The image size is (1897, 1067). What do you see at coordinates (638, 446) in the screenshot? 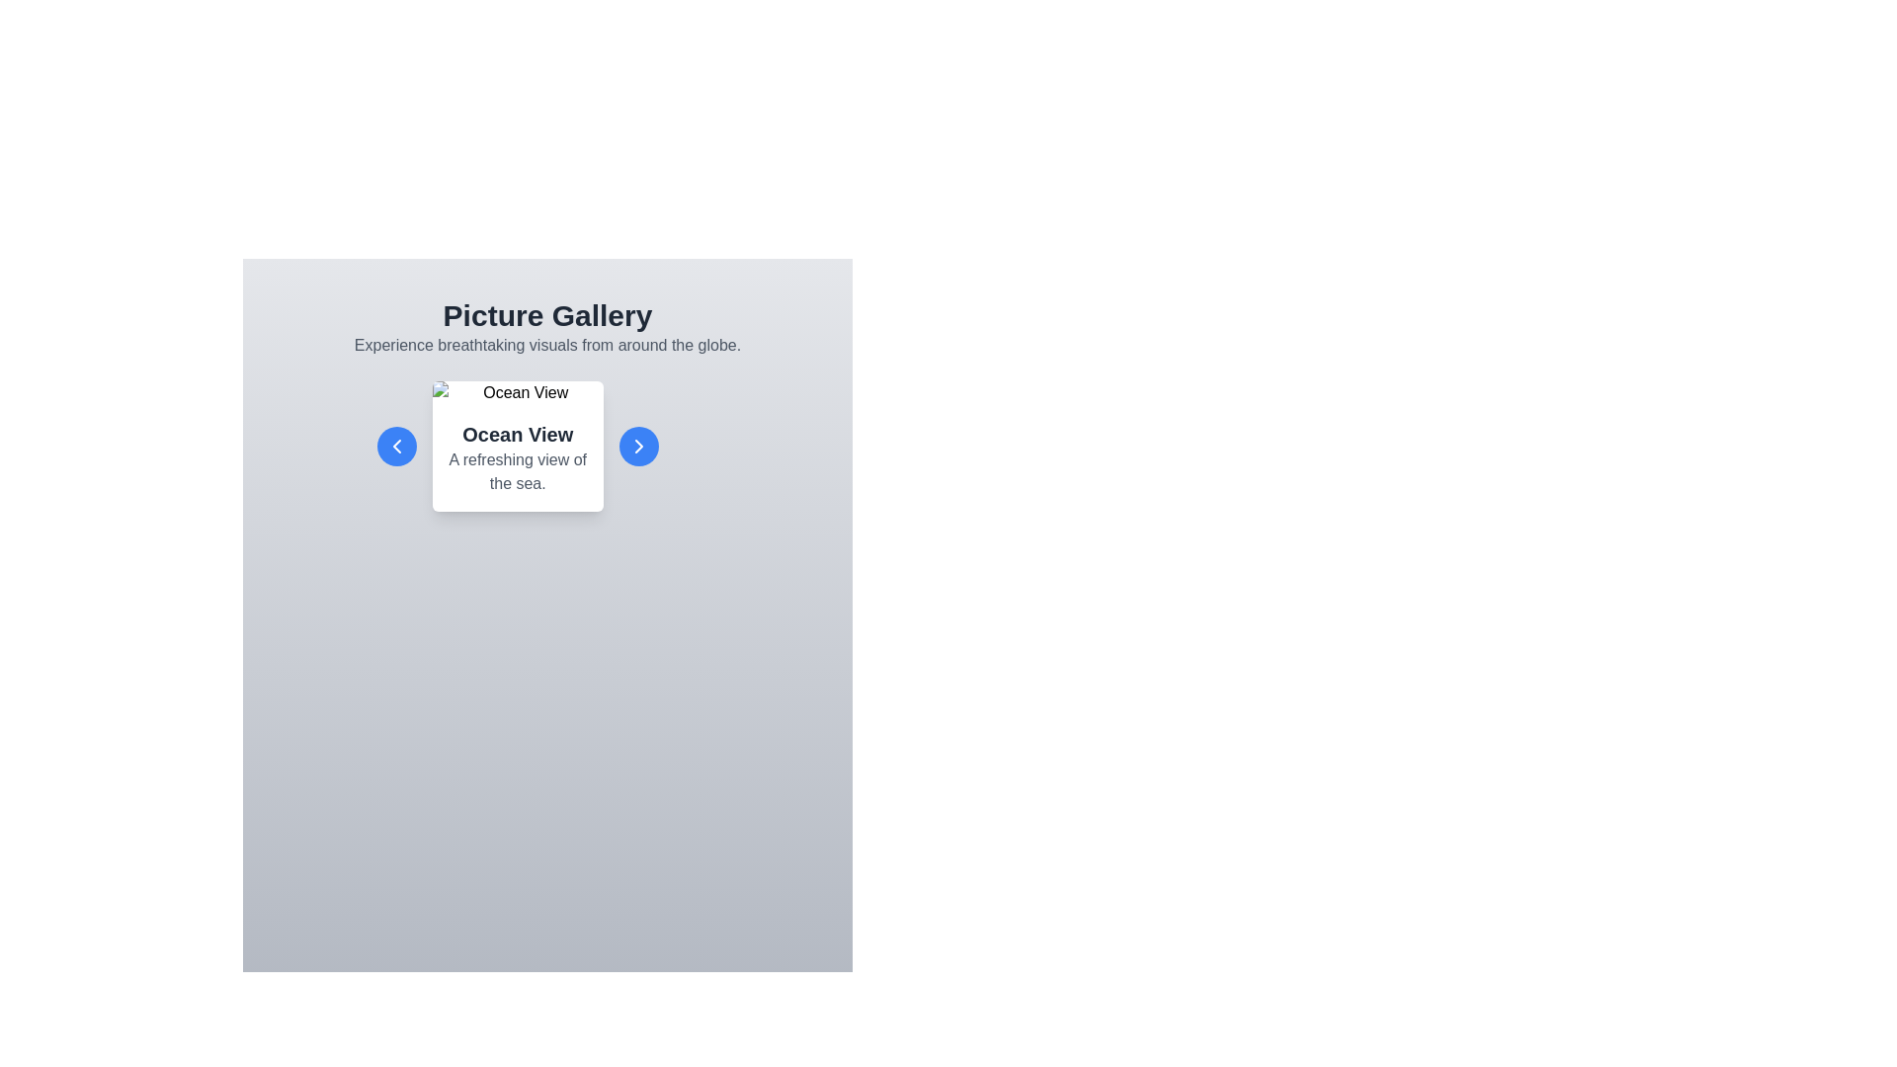
I see `the next navigation icon located inside the circular button on the right side of the carousel card in the Picture Gallery interface` at bounding box center [638, 446].